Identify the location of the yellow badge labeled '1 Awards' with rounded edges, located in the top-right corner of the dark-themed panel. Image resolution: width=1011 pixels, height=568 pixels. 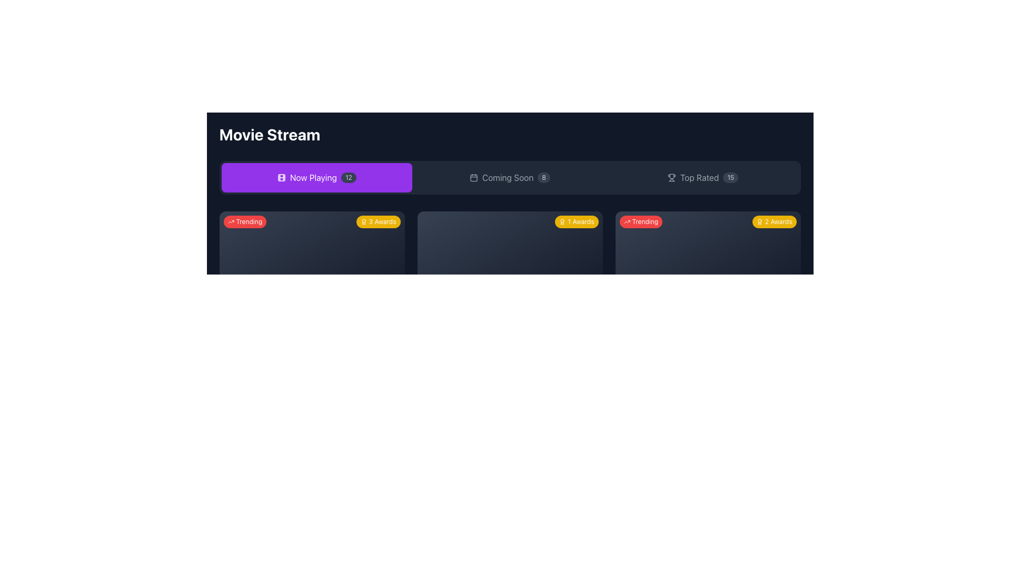
(576, 221).